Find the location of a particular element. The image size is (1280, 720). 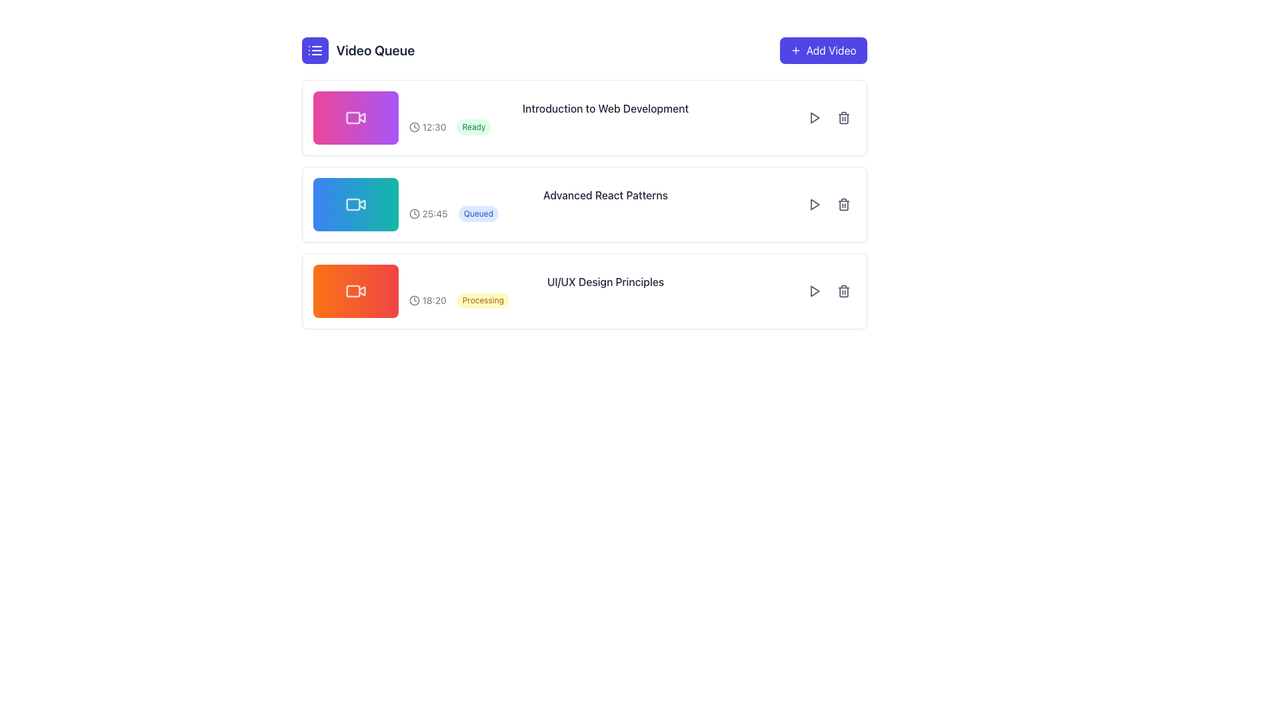

the play icon button located in the second row of the video playlist interface, to the far right, aligned with the title 'Advanced React Patterns' is located at coordinates (813, 205).